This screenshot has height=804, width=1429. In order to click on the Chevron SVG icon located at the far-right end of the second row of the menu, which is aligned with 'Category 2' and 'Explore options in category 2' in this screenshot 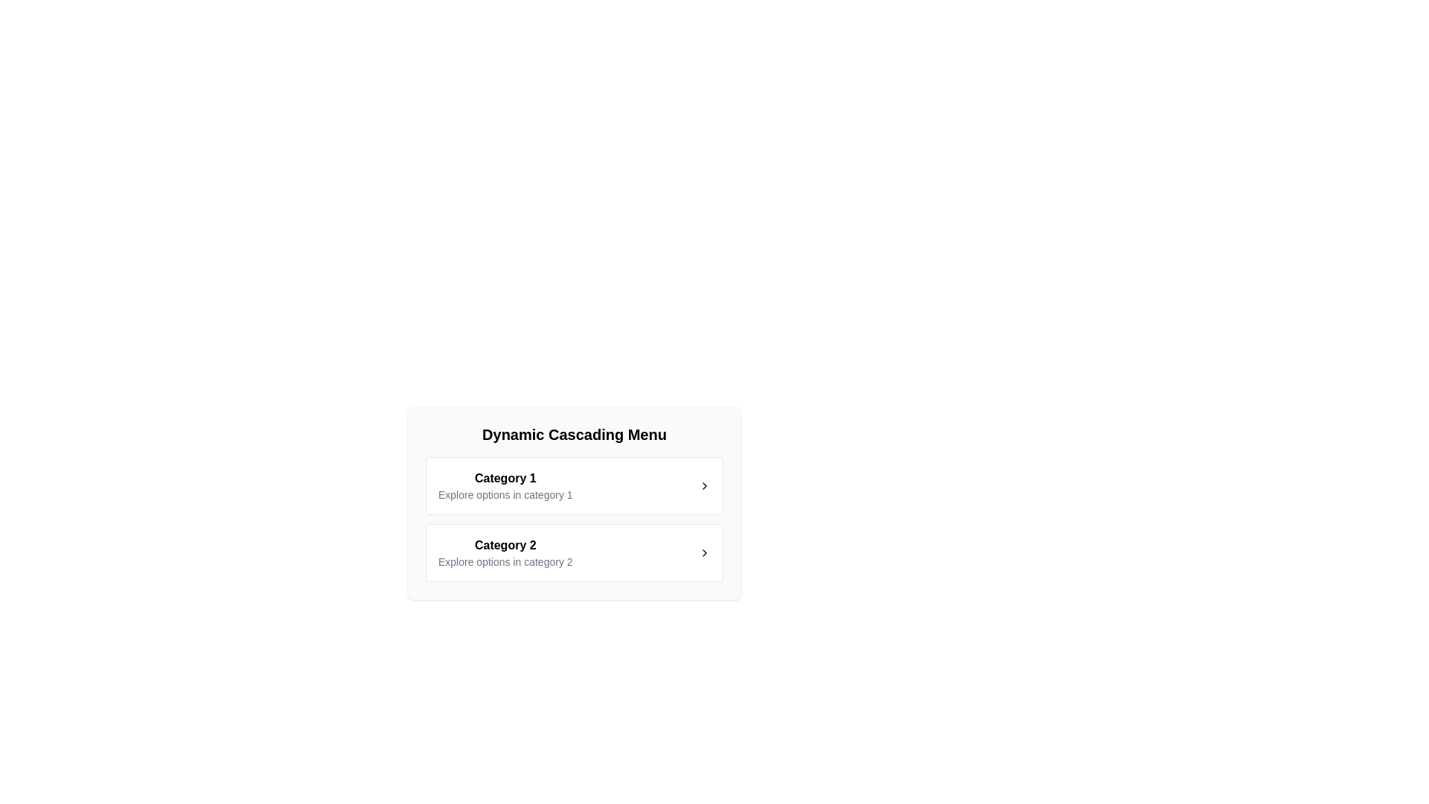, I will do `click(703, 553)`.